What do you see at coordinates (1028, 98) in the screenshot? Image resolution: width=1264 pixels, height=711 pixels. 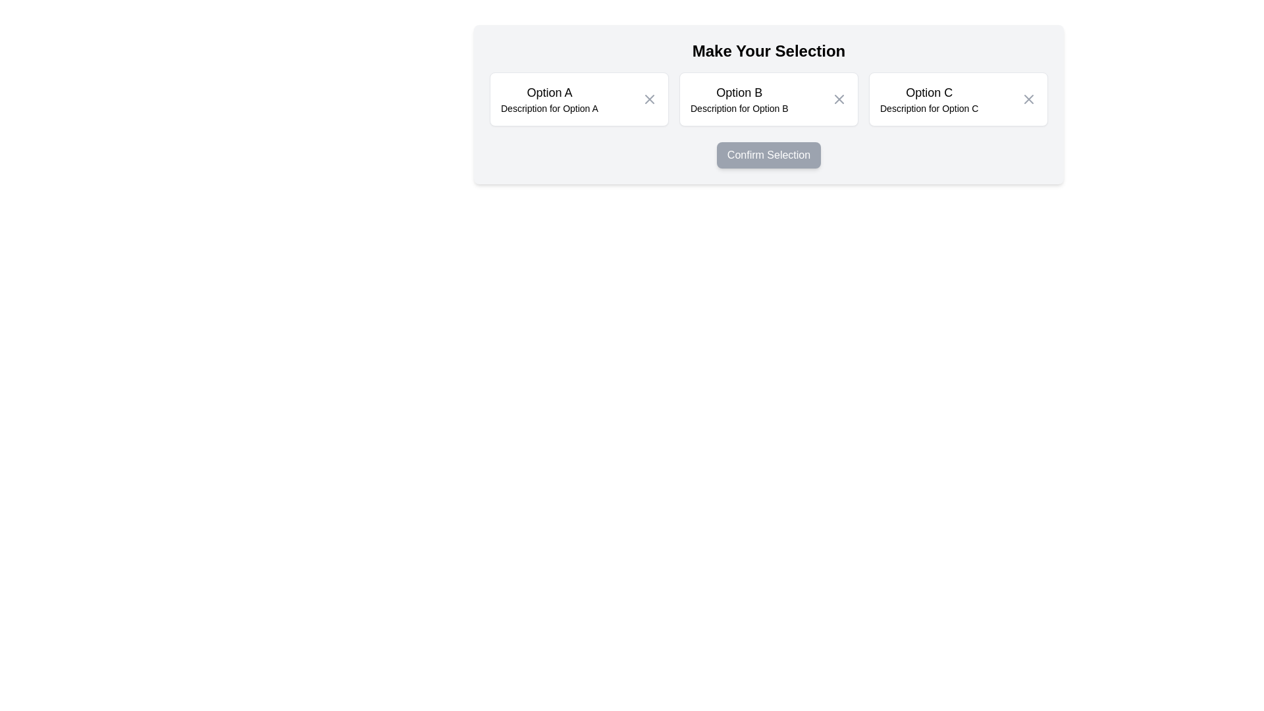 I see `the Close icon (dismiss button) located in the top-right corner of the 'Option C' box` at bounding box center [1028, 98].